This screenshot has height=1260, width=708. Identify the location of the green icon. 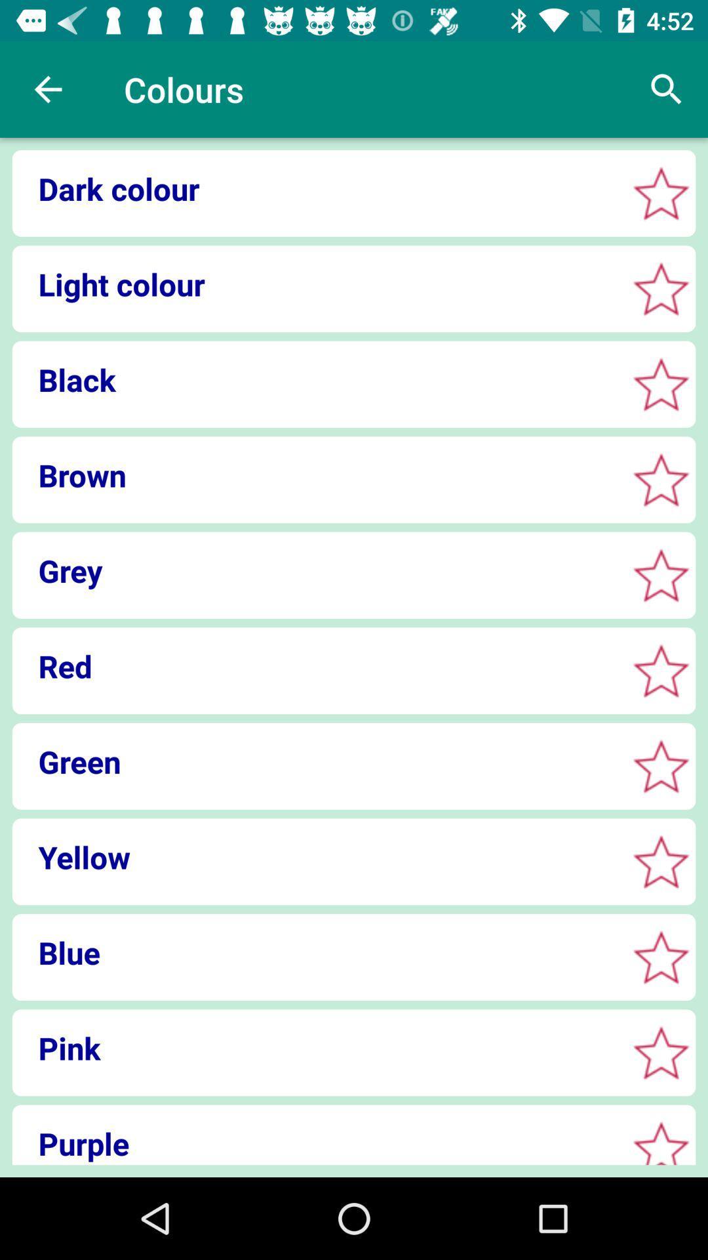
(315, 761).